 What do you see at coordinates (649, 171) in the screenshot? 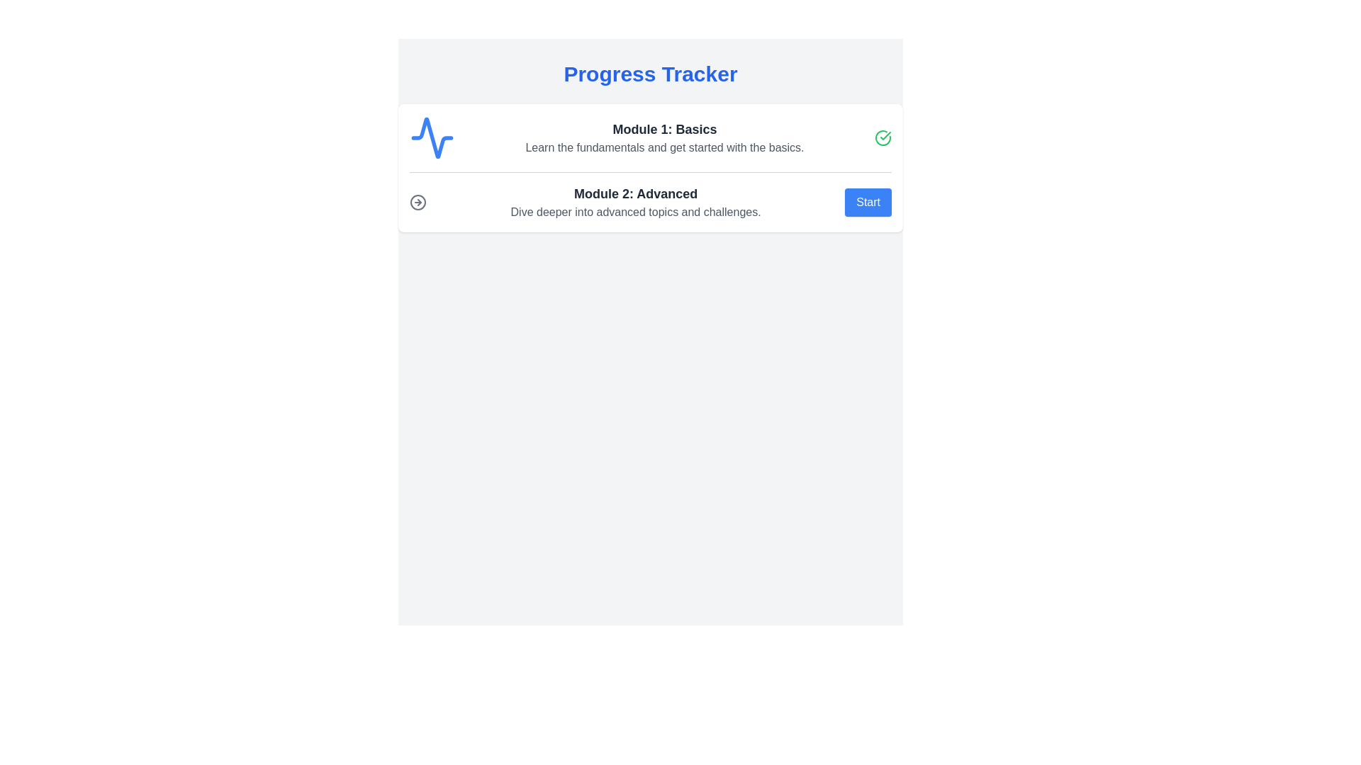
I see `the horizontal divider line that separates 'Module 1: Basics' and 'Module 2: Advanced' sections` at bounding box center [649, 171].